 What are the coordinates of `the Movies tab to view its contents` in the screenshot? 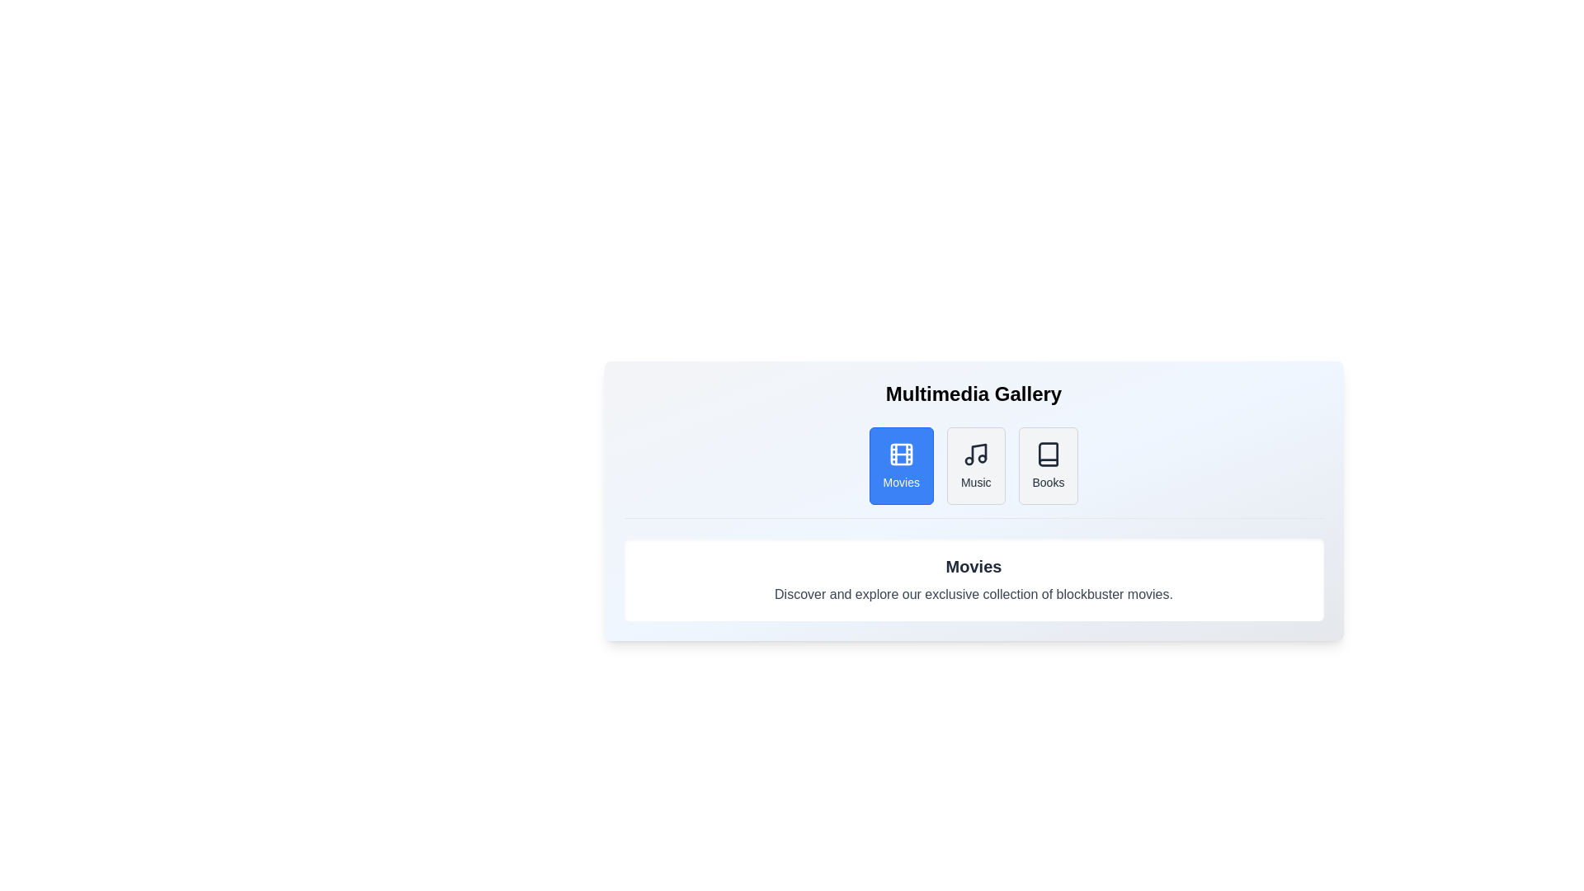 It's located at (900, 465).